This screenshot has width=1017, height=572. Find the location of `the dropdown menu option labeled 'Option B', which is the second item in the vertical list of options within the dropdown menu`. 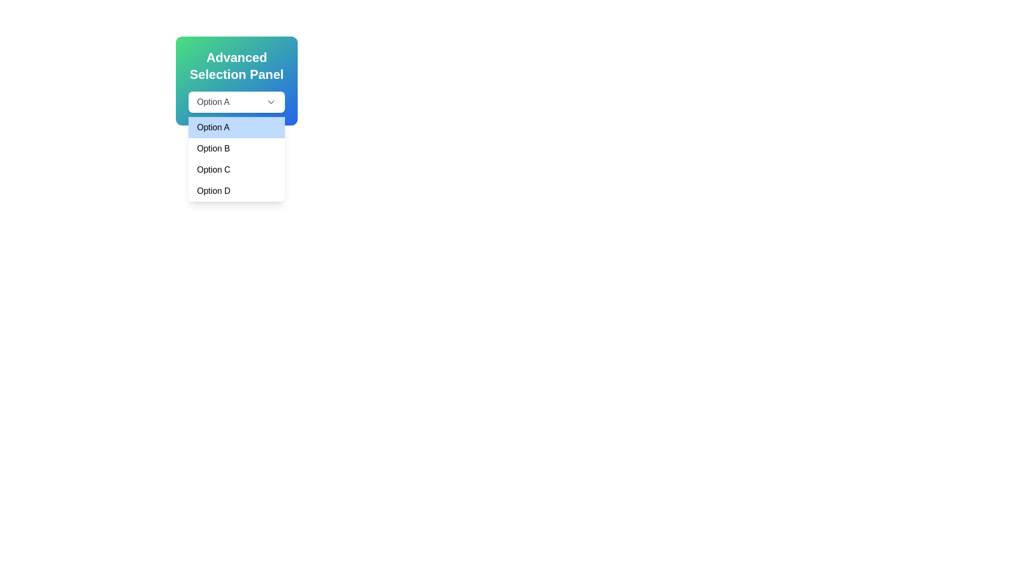

the dropdown menu option labeled 'Option B', which is the second item in the vertical list of options within the dropdown menu is located at coordinates (236, 149).